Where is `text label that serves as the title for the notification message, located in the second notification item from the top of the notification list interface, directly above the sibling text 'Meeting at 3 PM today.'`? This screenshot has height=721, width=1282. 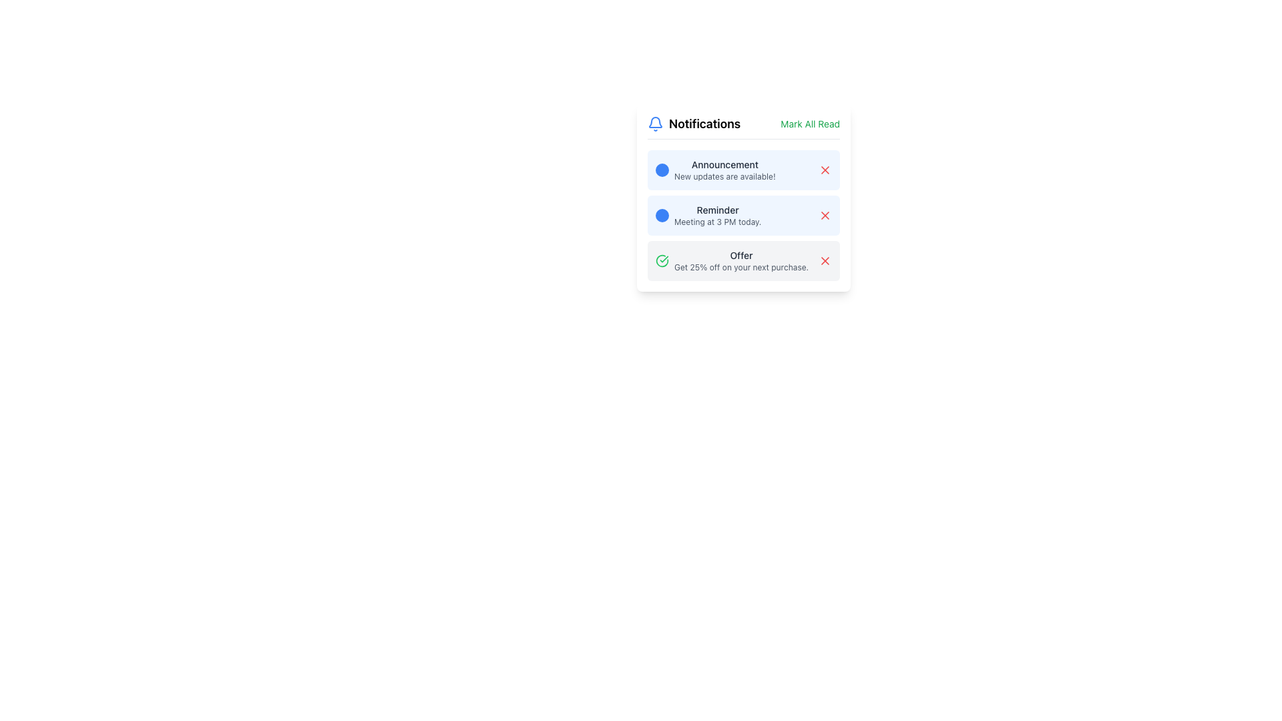 text label that serves as the title for the notification message, located in the second notification item from the top of the notification list interface, directly above the sibling text 'Meeting at 3 PM today.' is located at coordinates (717, 210).